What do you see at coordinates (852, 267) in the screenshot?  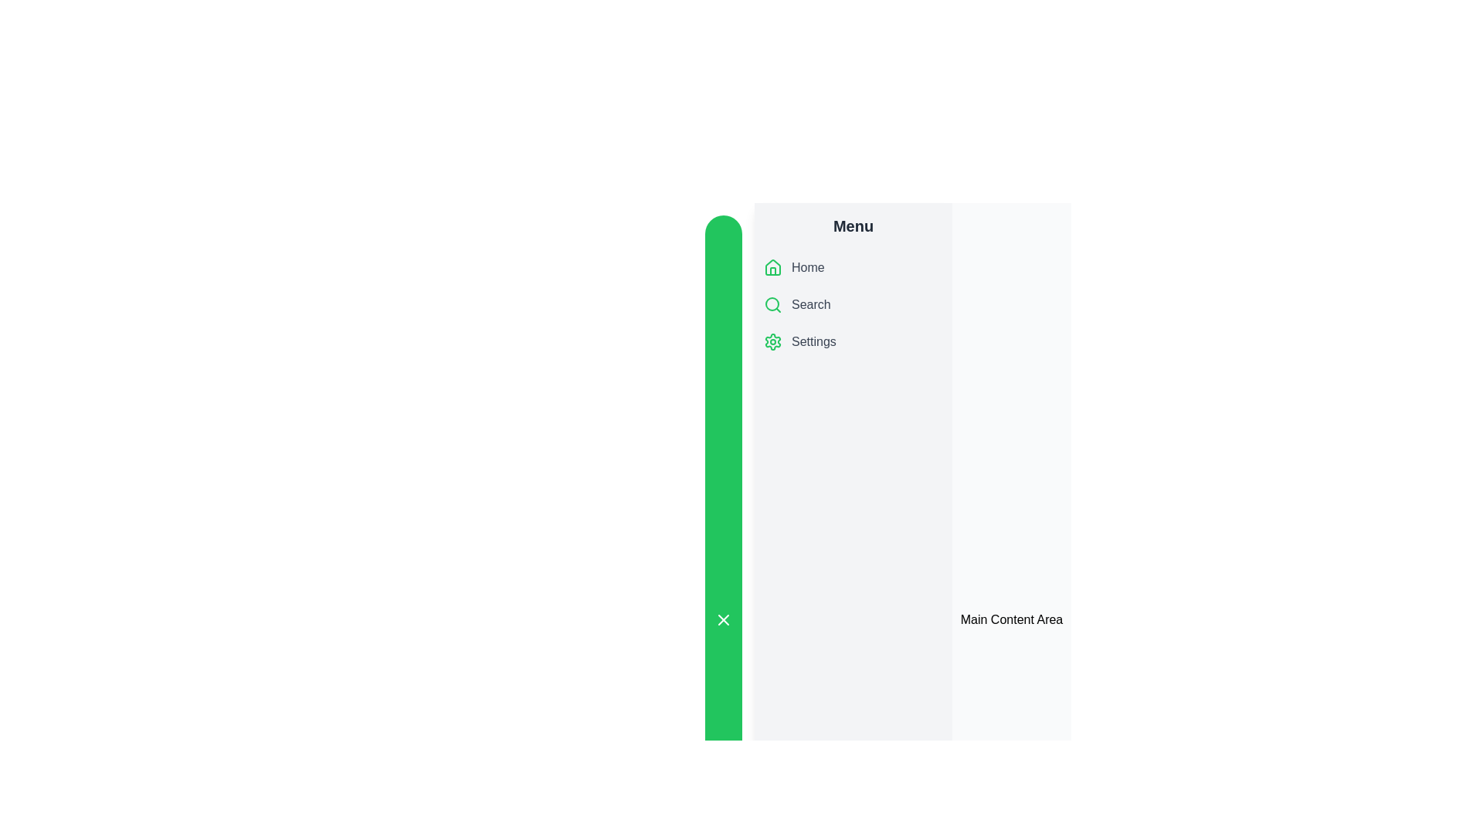 I see `the menu item Home to select it` at bounding box center [852, 267].